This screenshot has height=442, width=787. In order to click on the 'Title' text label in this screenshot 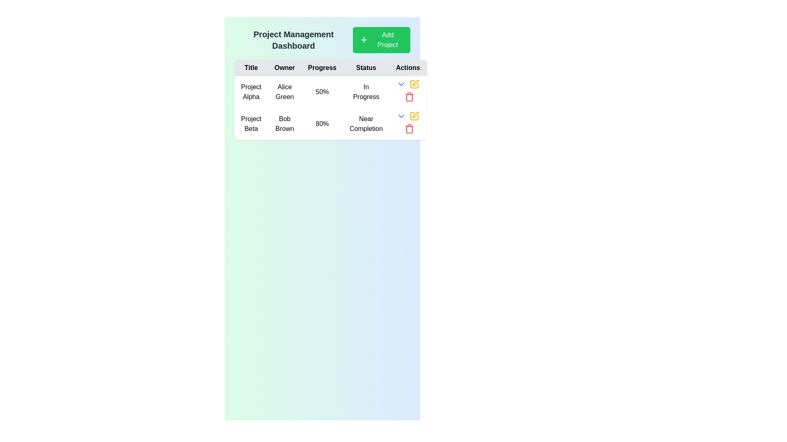, I will do `click(250, 67)`.